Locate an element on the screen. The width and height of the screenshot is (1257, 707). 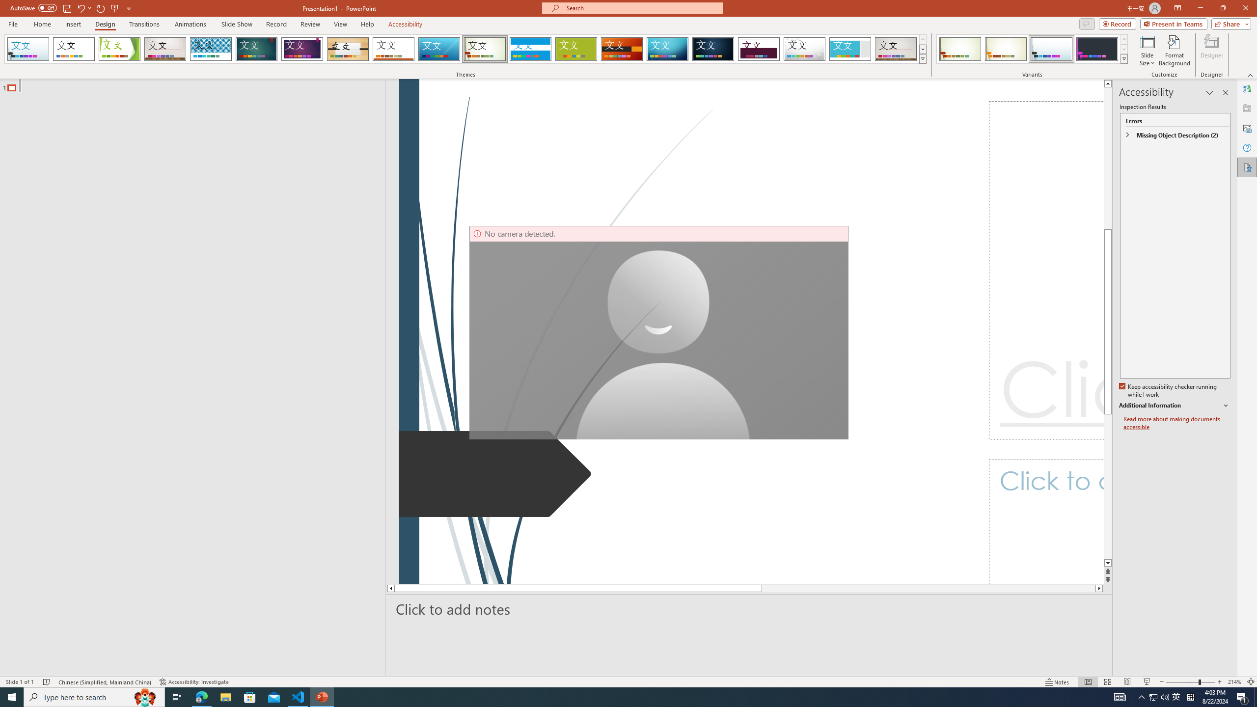
'Camera 7, No camera detected.' is located at coordinates (658, 332).